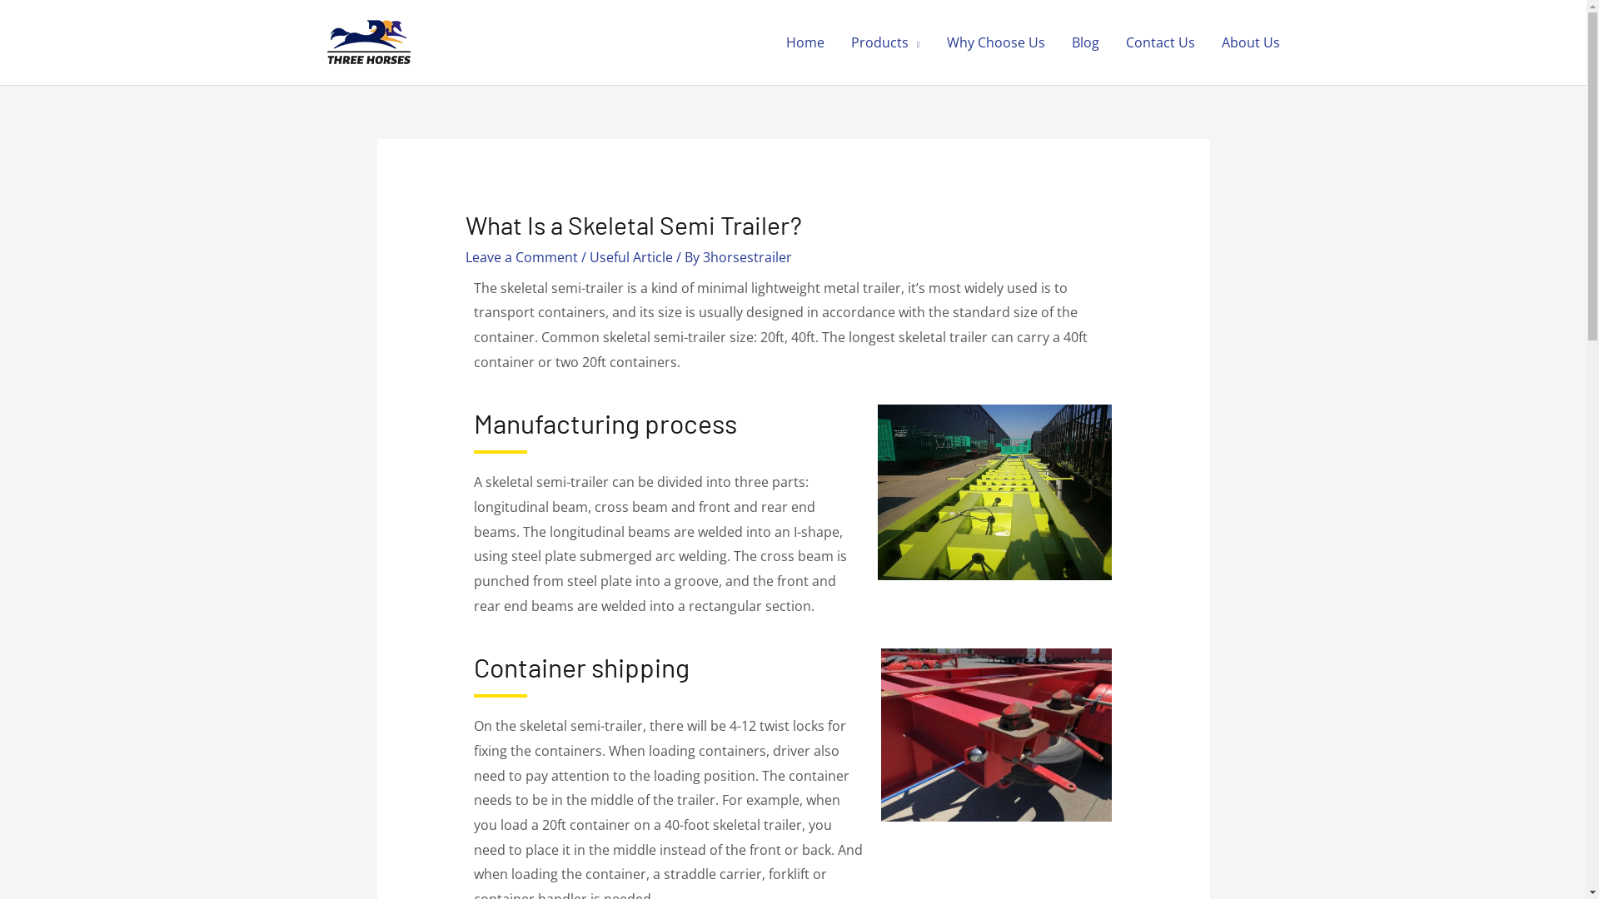 The image size is (1599, 899). Describe the element at coordinates (804, 41) in the screenshot. I see `'Home'` at that location.